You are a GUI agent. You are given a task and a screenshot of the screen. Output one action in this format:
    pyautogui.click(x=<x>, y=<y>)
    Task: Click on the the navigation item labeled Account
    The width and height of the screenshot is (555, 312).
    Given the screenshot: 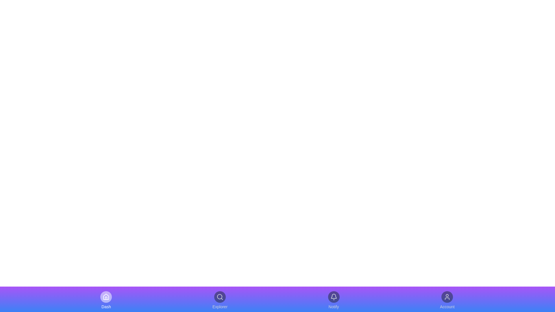 What is the action you would take?
    pyautogui.click(x=447, y=300)
    